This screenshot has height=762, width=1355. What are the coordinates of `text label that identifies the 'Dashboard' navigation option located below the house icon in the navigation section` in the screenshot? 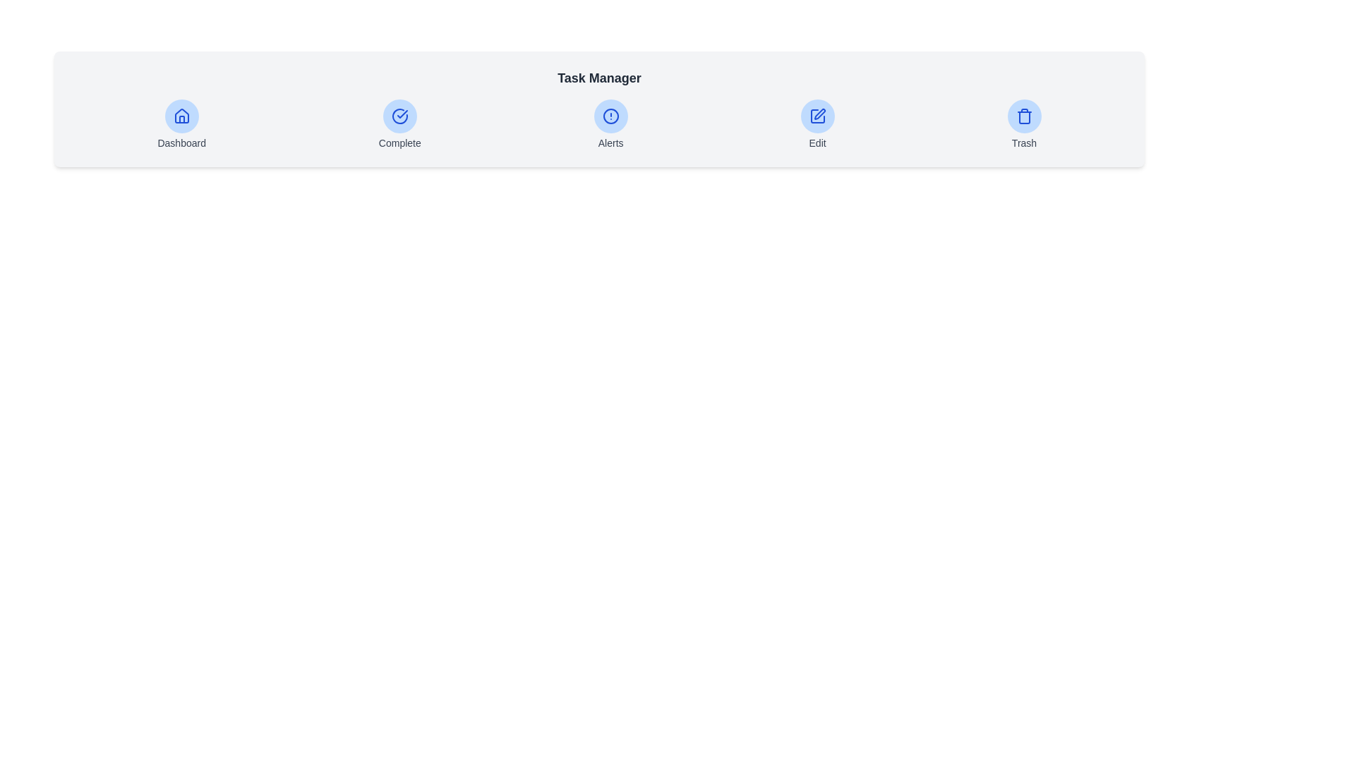 It's located at (181, 143).